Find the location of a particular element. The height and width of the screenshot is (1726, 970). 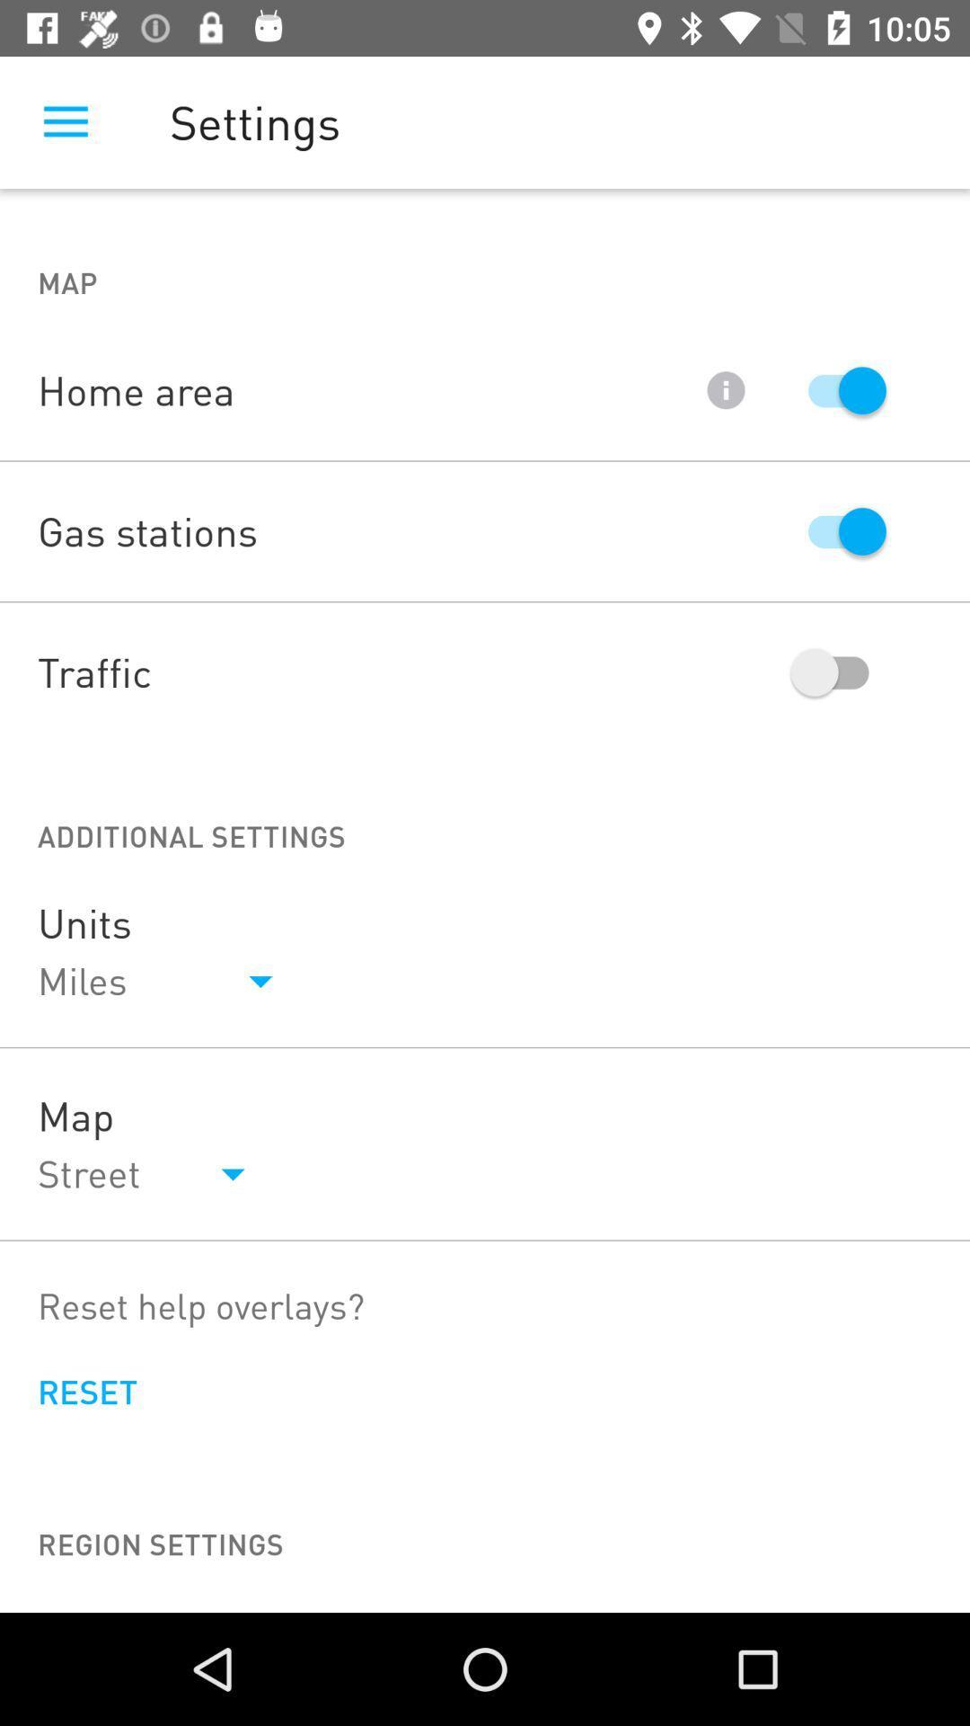

traffic option is located at coordinates (838, 672).